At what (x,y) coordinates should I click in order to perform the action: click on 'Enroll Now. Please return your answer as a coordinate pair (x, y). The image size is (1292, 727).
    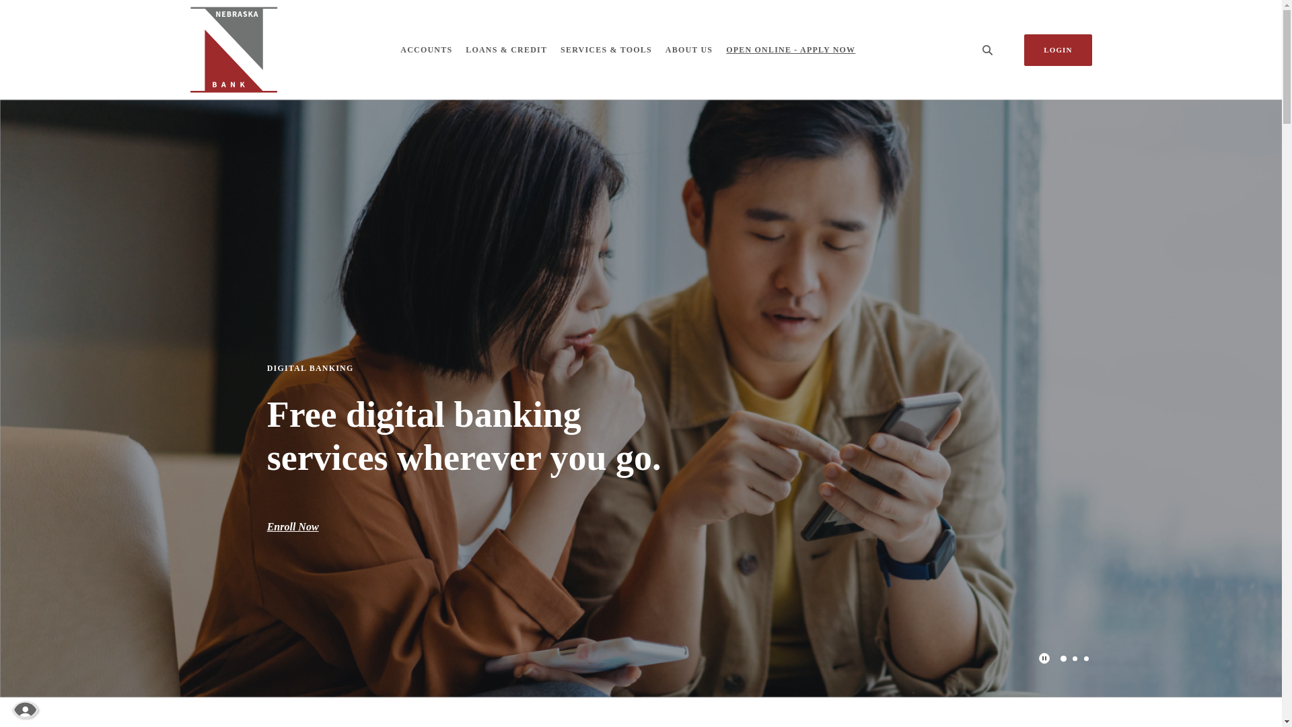
    Looking at the image, I should click on (292, 526).